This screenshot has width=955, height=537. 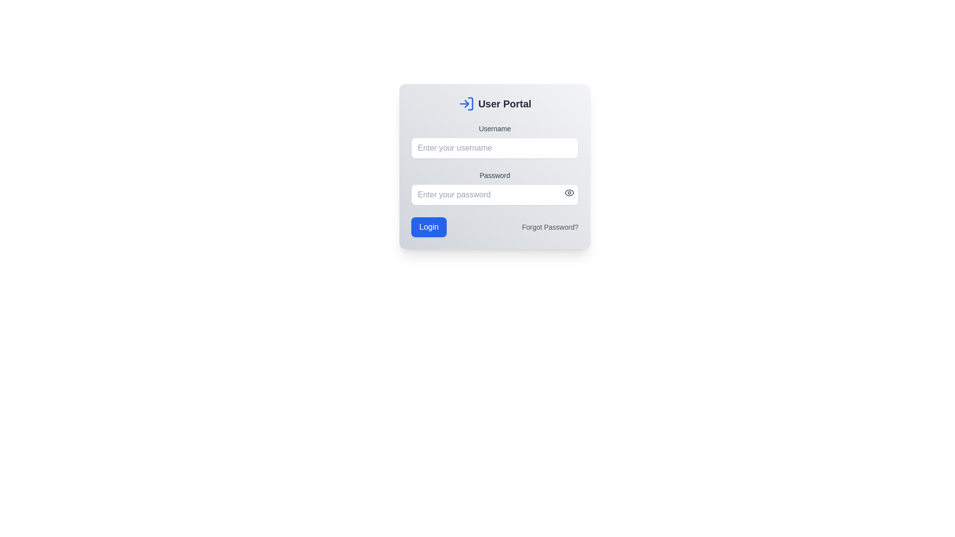 I want to click on the 'Forgot Password?' hyperlink located in the bottom-right corner of the login form interface, so click(x=550, y=227).